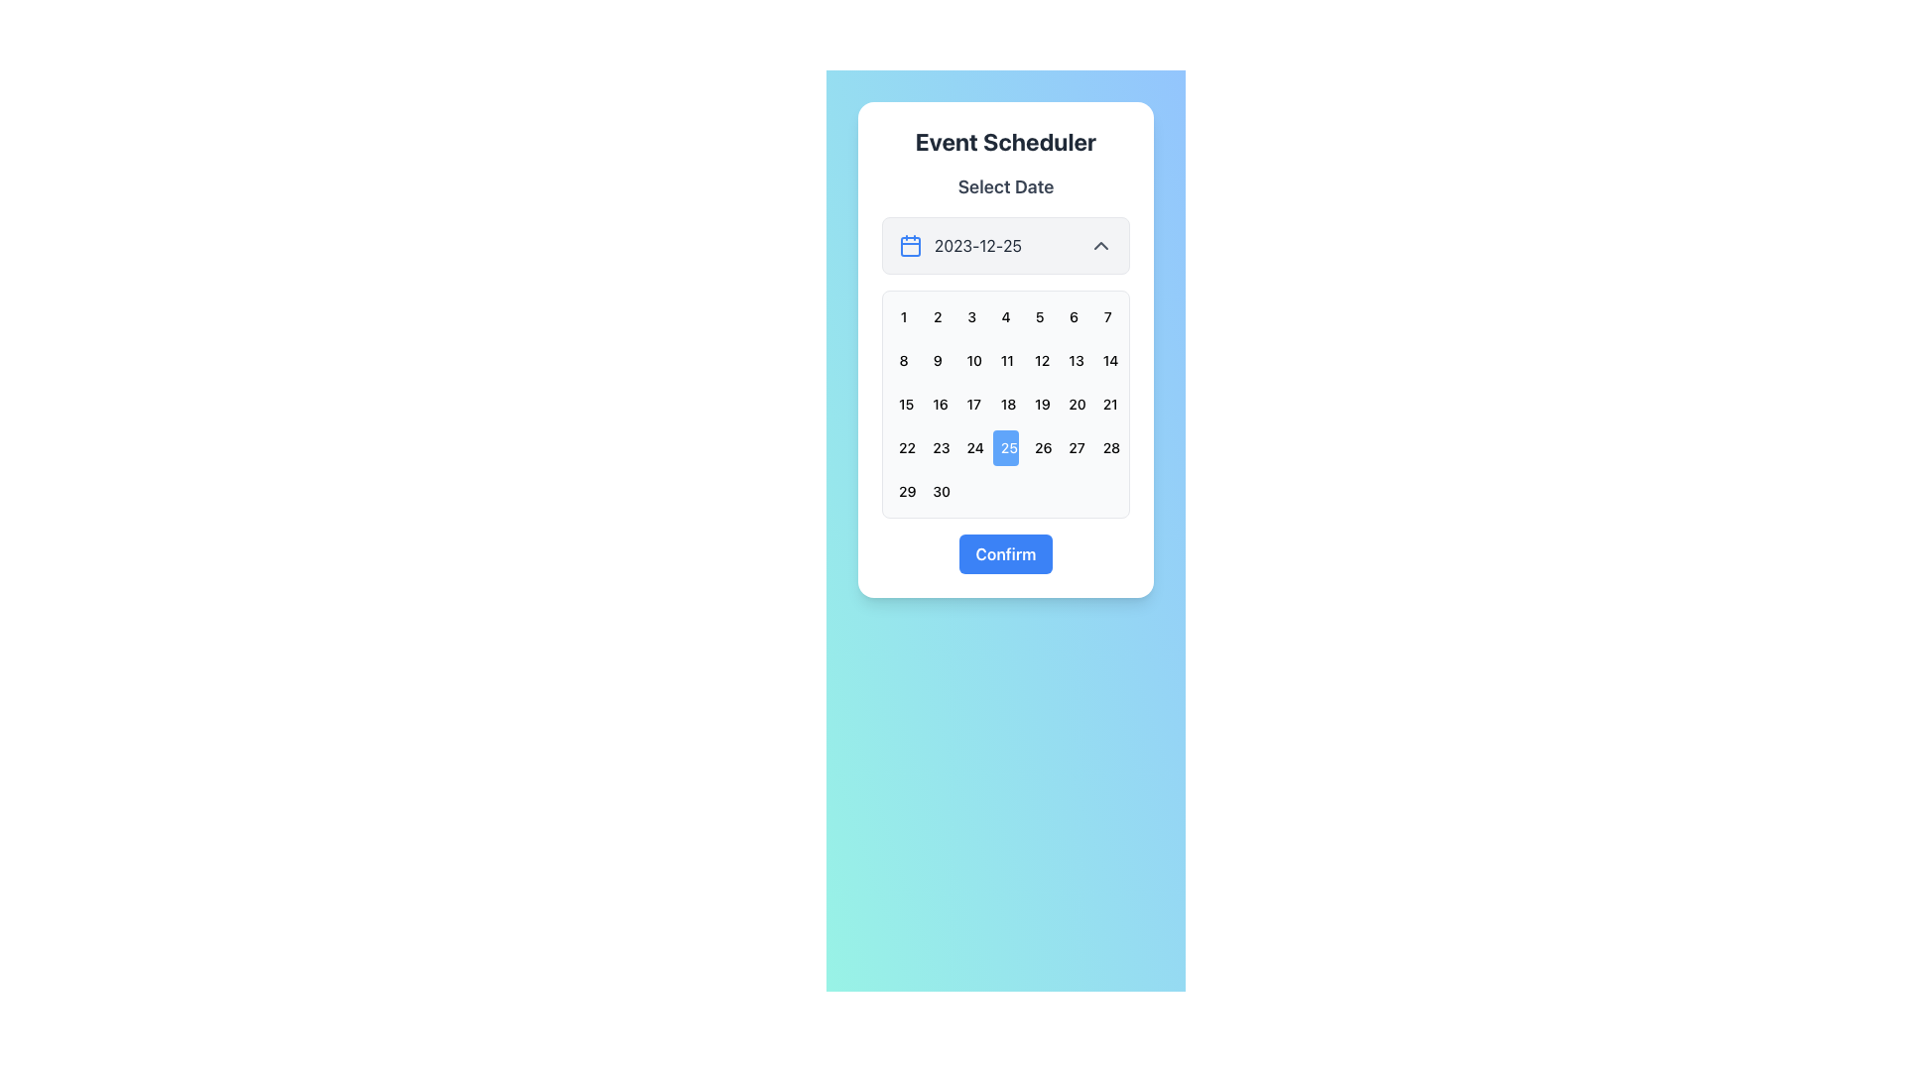  I want to click on small, rectangular shape with rounded corners located within the calendar icon next to the date input field by clicking on it, so click(909, 246).